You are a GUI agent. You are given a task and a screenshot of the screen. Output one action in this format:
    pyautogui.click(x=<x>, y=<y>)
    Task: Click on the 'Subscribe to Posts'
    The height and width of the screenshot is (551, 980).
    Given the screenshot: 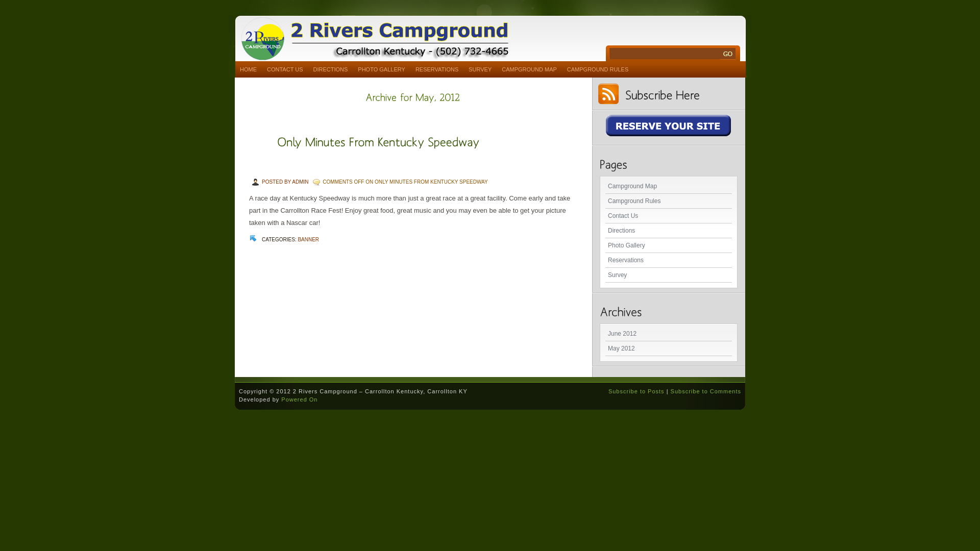 What is the action you would take?
    pyautogui.click(x=608, y=391)
    